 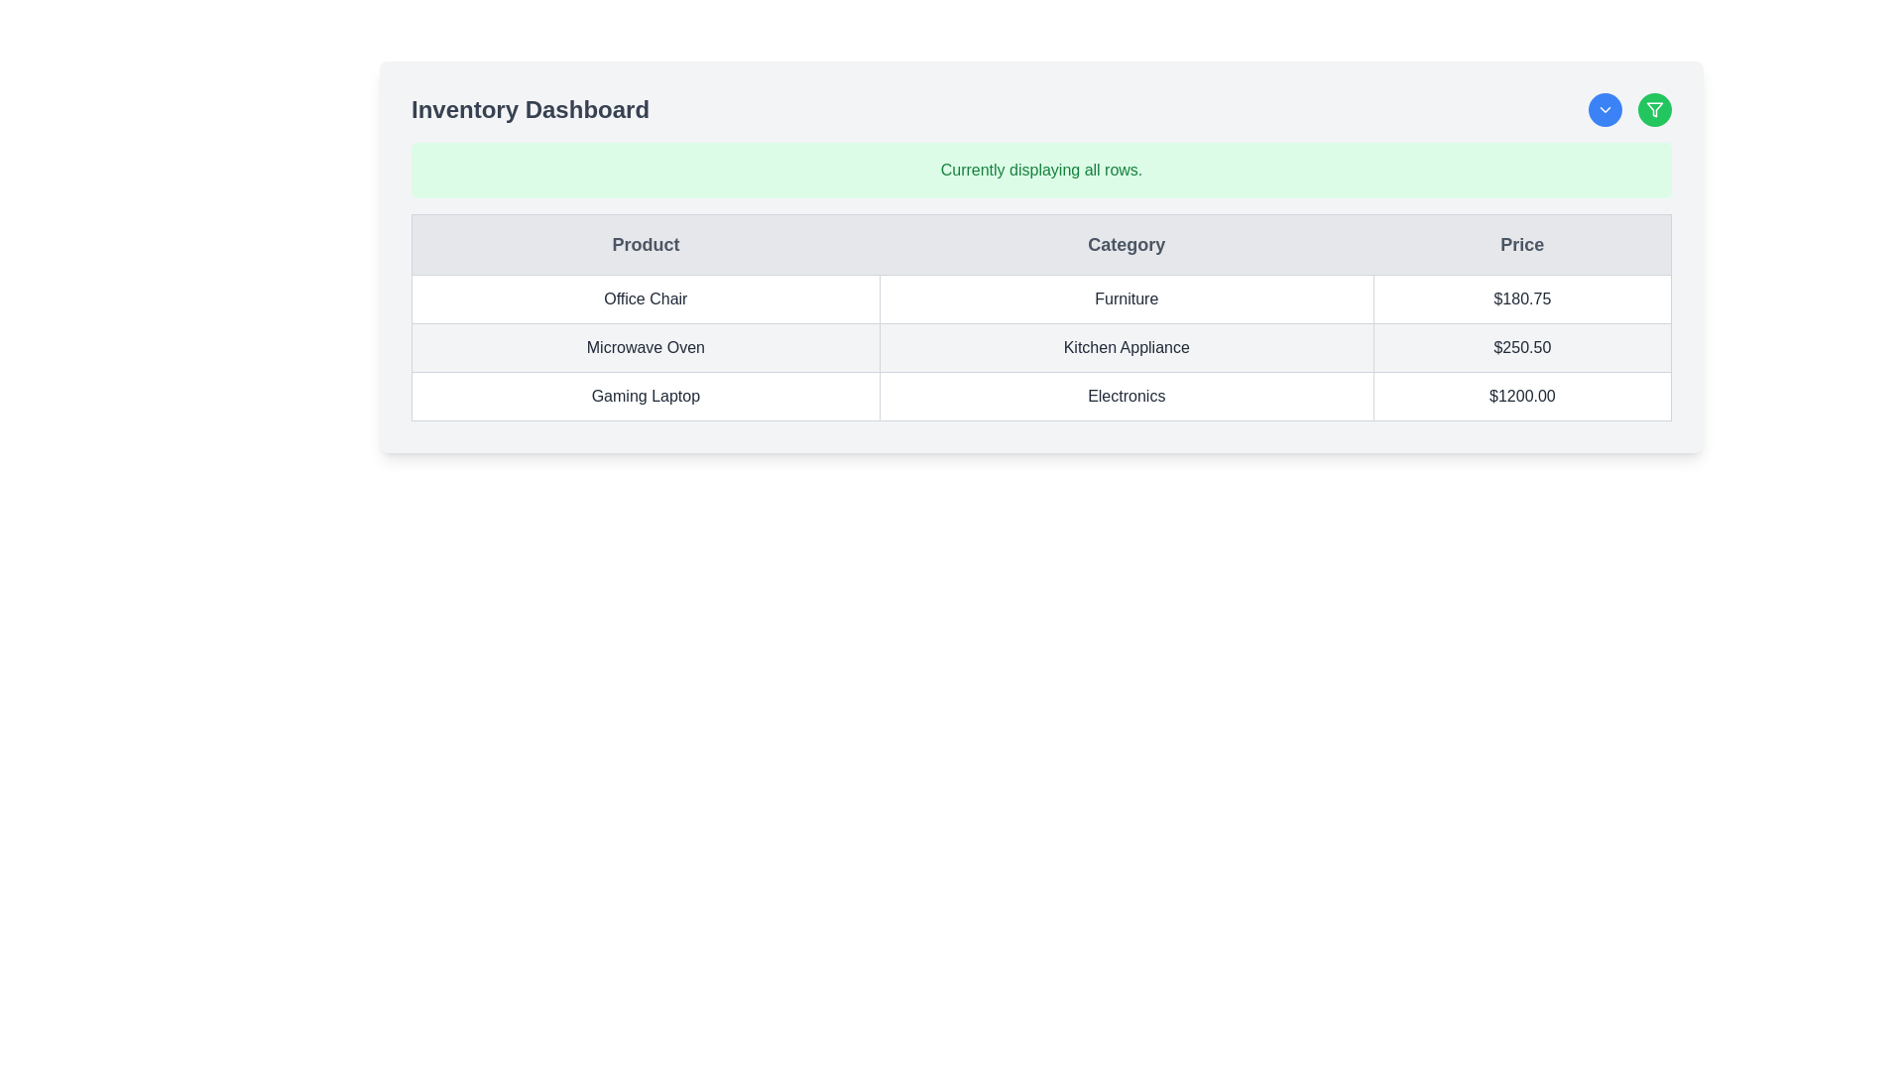 What do you see at coordinates (1655, 110) in the screenshot?
I see `the filter icon represented by a triangular funnel-like SVG graphic inside a green circular button` at bounding box center [1655, 110].